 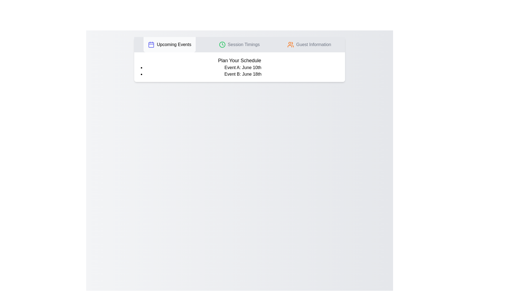 What do you see at coordinates (309, 44) in the screenshot?
I see `the tab labeled 'Guest Information' by clicking on its button` at bounding box center [309, 44].